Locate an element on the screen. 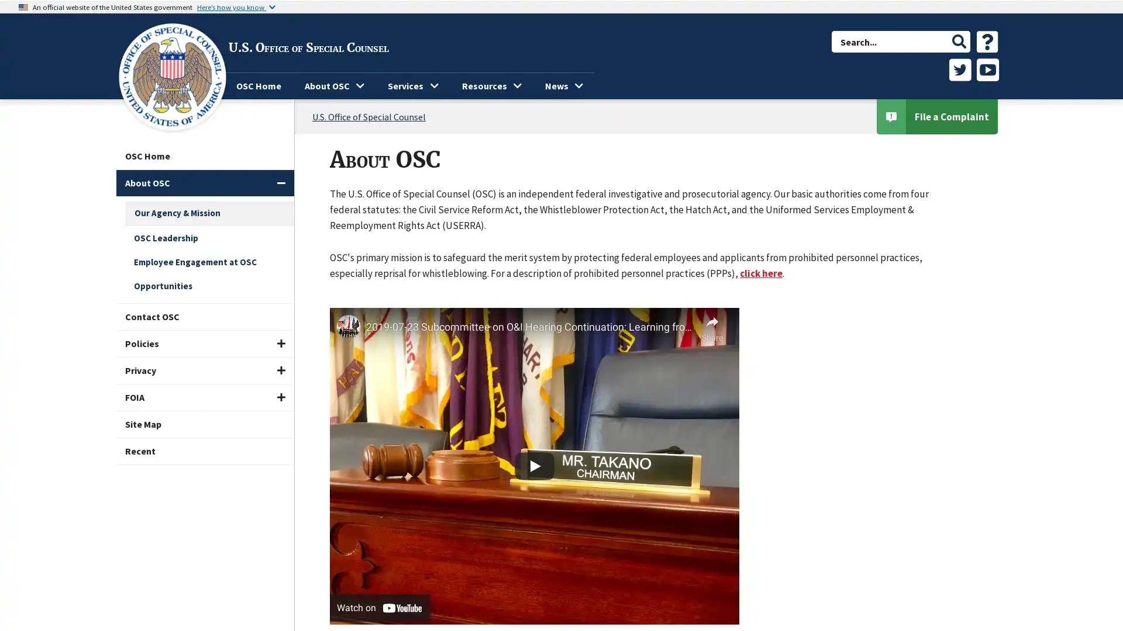 The width and height of the screenshot is (1123, 631). About OSC is located at coordinates (205, 183).